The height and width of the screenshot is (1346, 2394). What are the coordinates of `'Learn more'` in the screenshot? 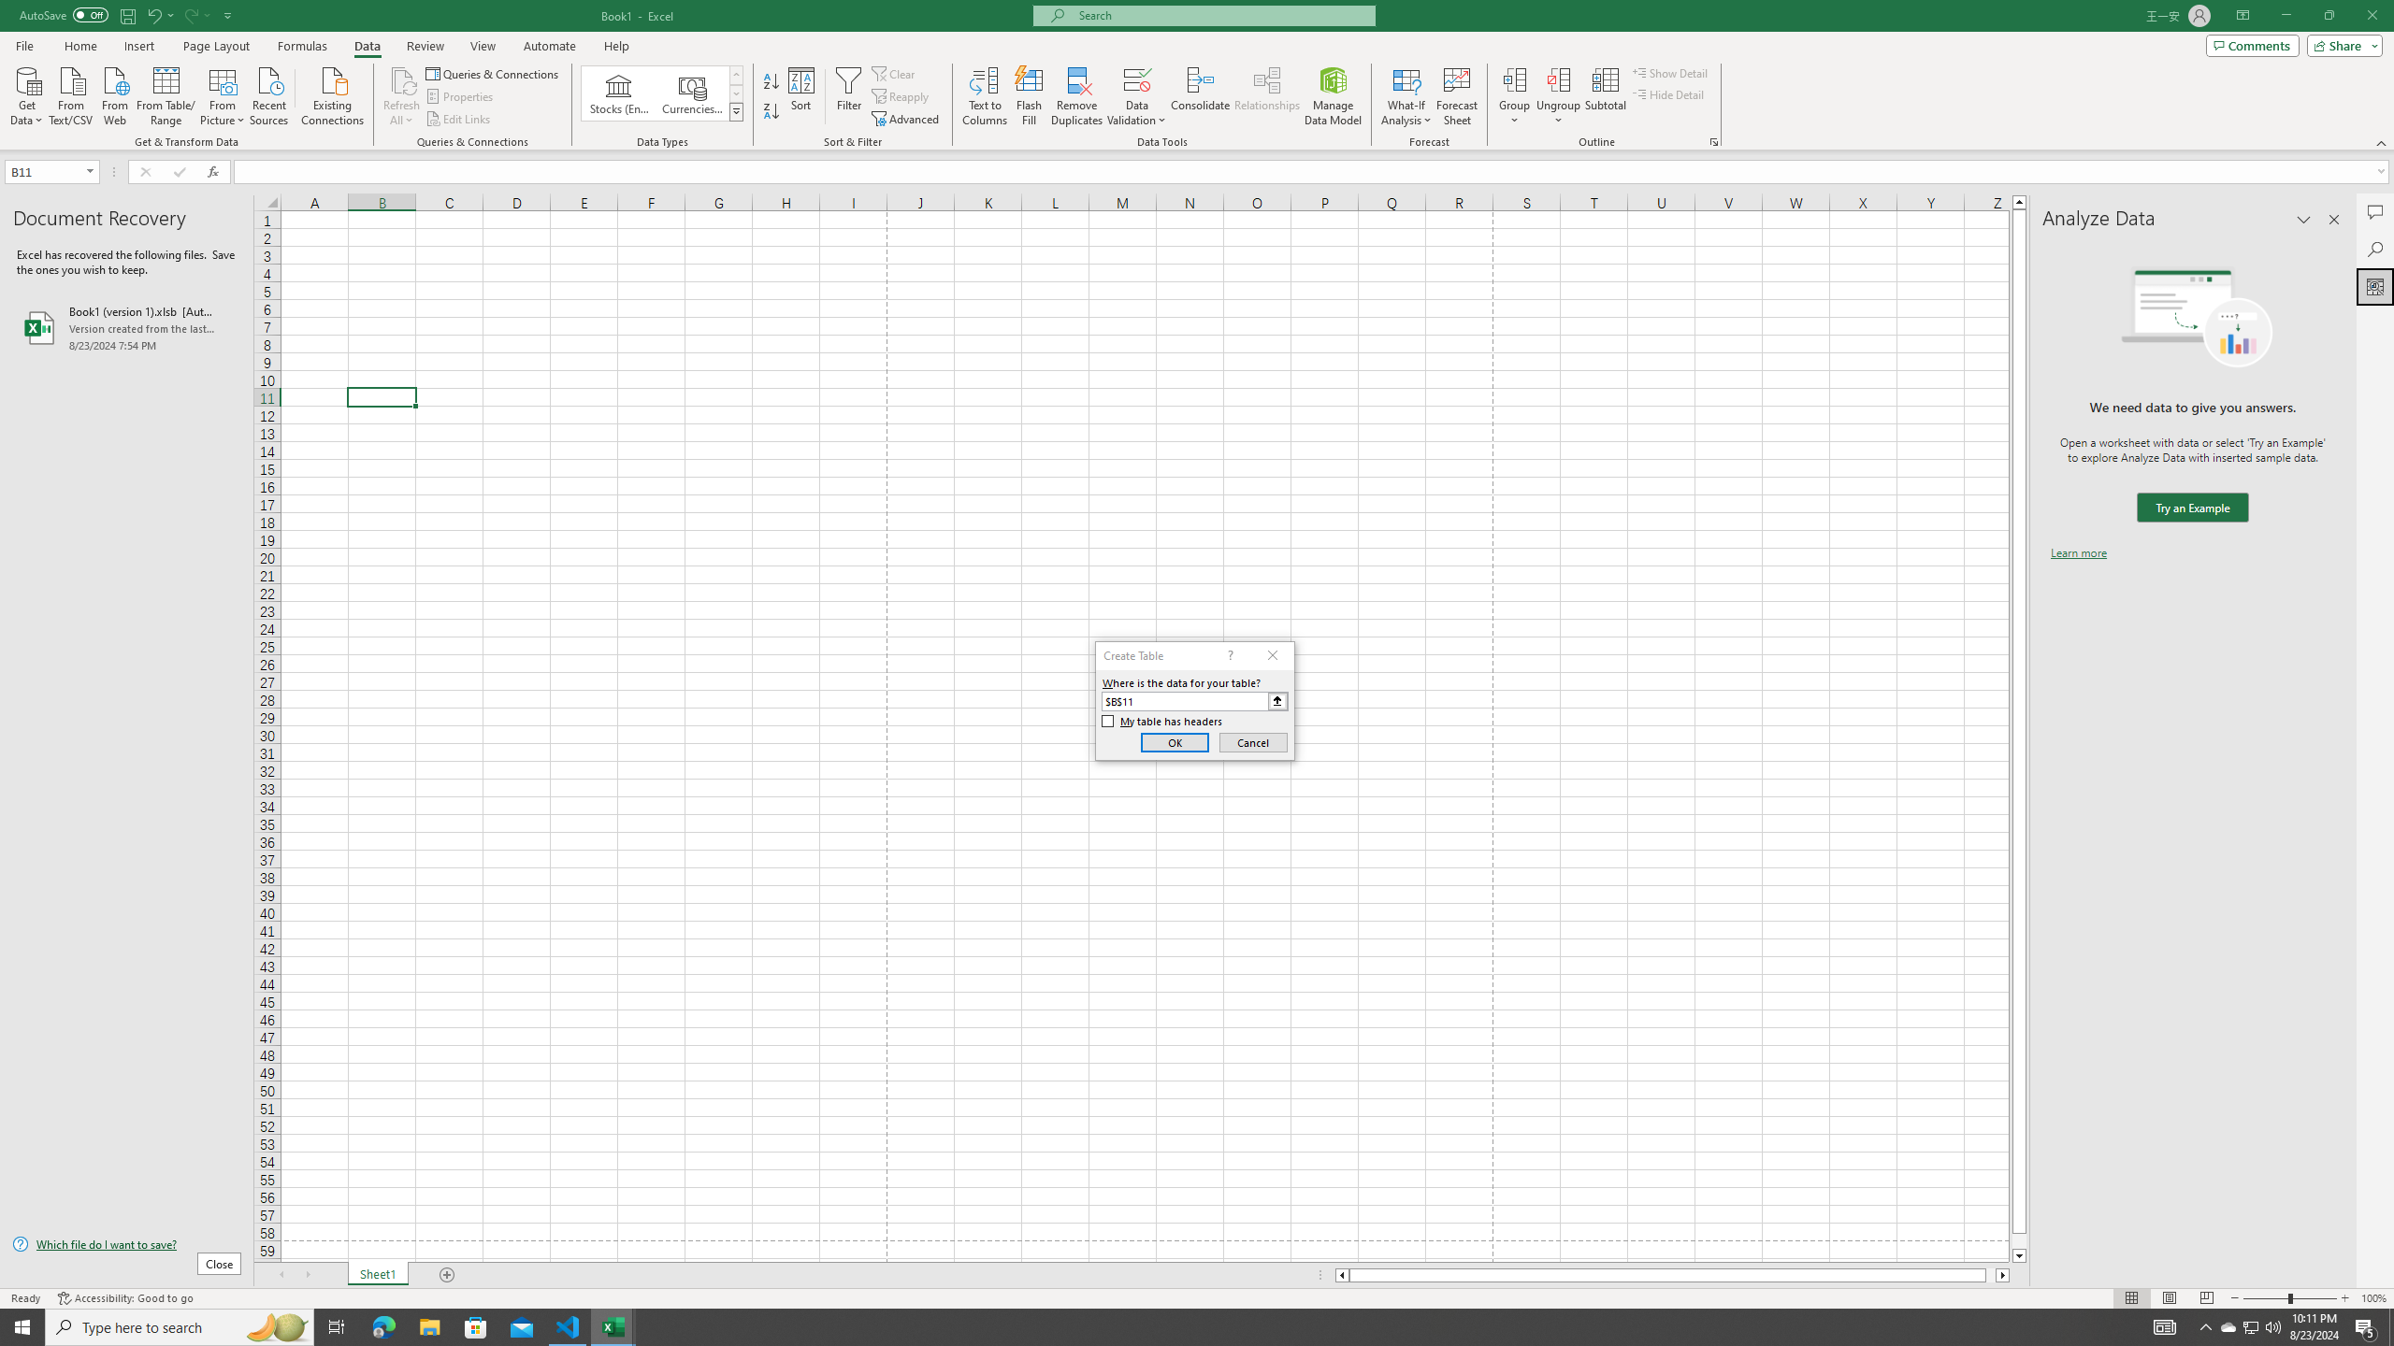 It's located at (2078, 551).